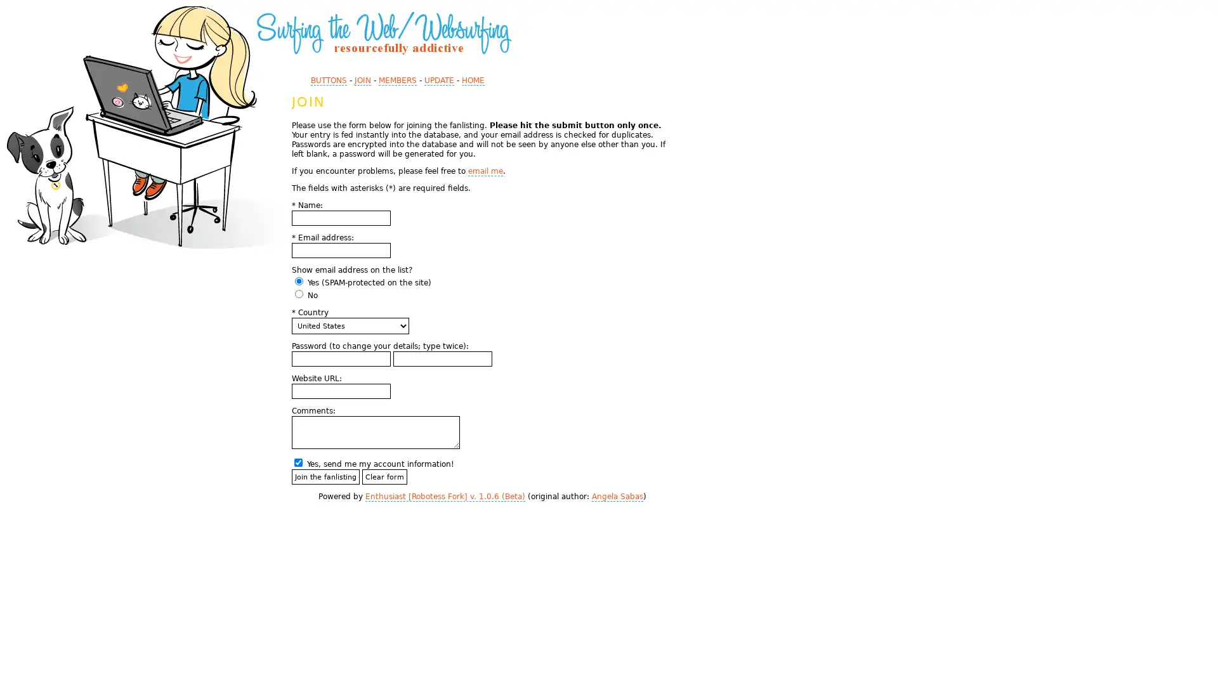 Image resolution: width=1218 pixels, height=685 pixels. What do you see at coordinates (384, 477) in the screenshot?
I see `Clear form` at bounding box center [384, 477].